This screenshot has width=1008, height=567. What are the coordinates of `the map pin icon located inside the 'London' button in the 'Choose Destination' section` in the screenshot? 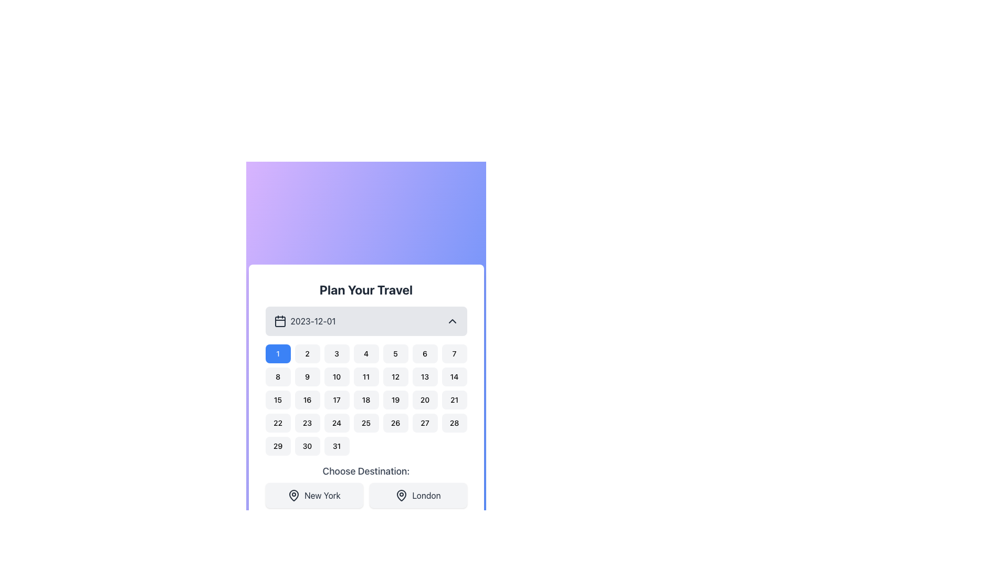 It's located at (401, 496).